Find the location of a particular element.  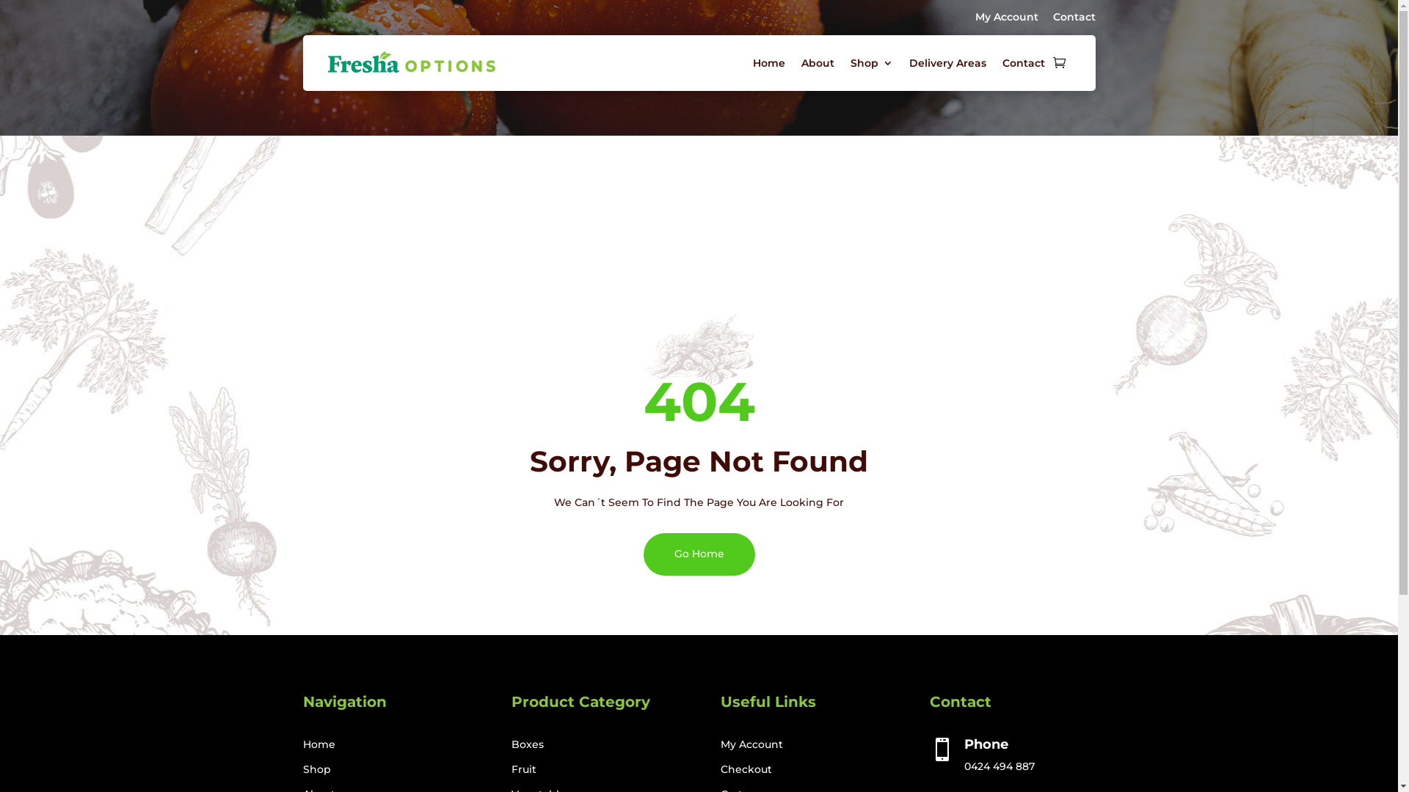

'Checkout' is located at coordinates (721, 769).